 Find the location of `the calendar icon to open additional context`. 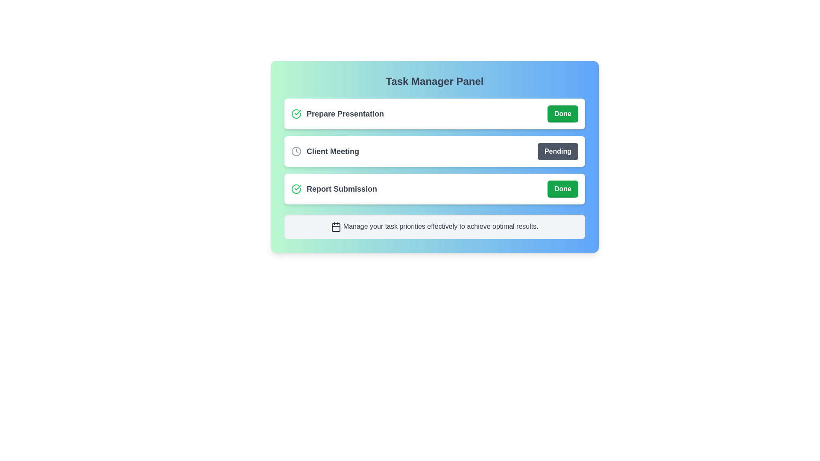

the calendar icon to open additional context is located at coordinates (336, 226).